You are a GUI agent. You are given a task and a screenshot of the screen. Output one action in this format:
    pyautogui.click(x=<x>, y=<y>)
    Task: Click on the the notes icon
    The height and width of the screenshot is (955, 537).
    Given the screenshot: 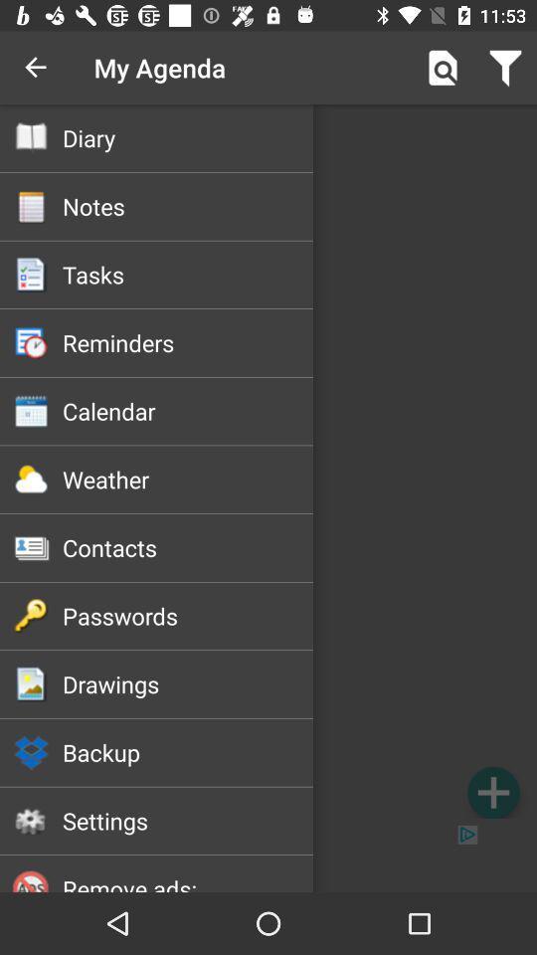 What is the action you would take?
    pyautogui.click(x=188, y=206)
    